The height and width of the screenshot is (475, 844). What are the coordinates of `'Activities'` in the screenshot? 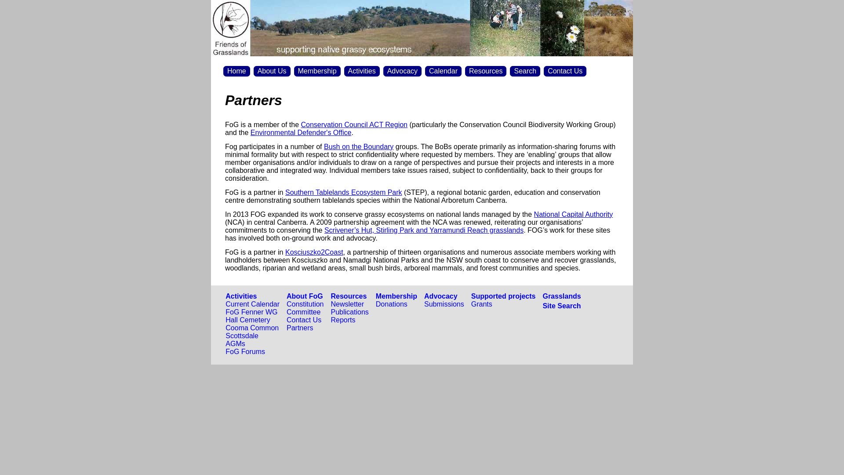 It's located at (241, 296).